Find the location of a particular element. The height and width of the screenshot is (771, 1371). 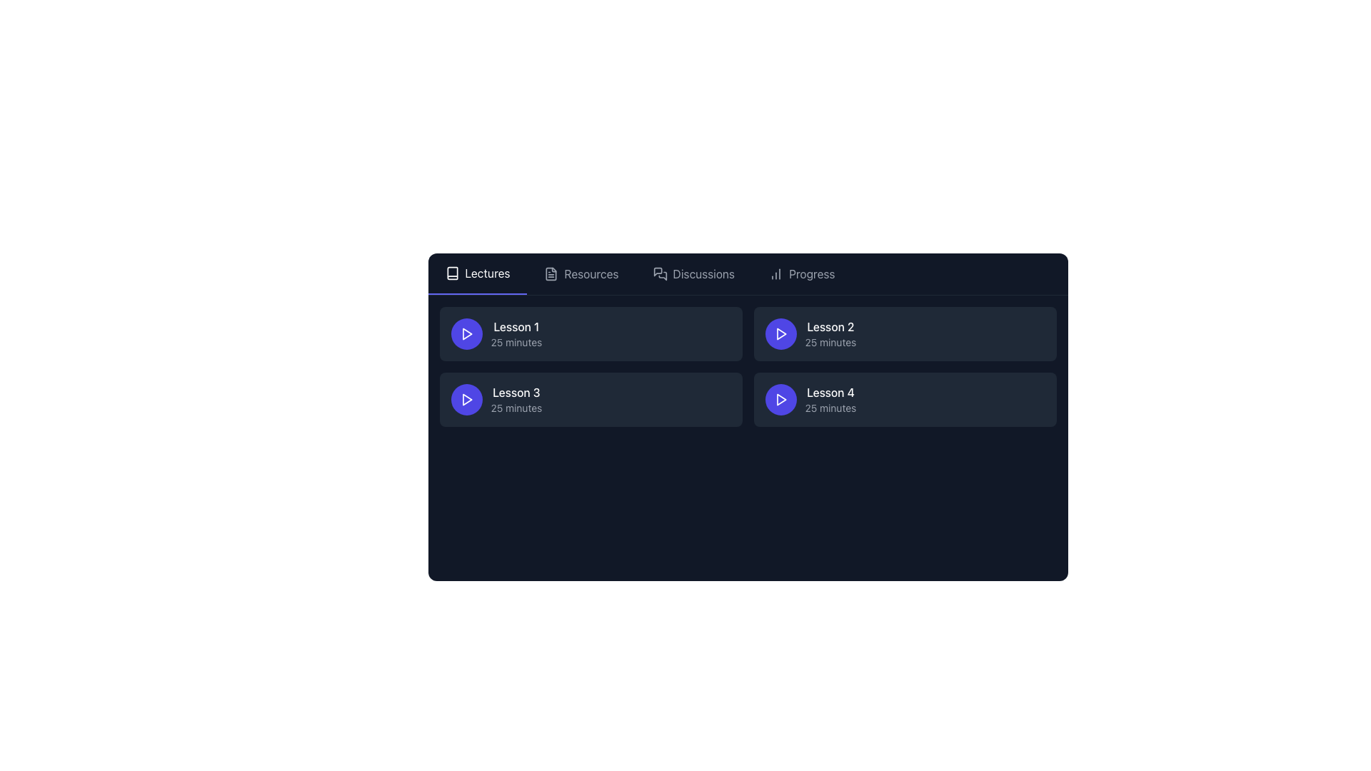

the 'Resources' tab by navigating to the icon located to the left of the text label 'Resources' in the horizontal navigation bar is located at coordinates (551, 274).